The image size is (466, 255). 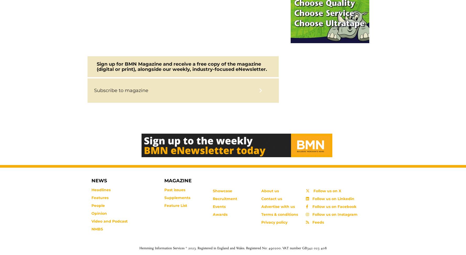 What do you see at coordinates (99, 213) in the screenshot?
I see `'Opinion'` at bounding box center [99, 213].